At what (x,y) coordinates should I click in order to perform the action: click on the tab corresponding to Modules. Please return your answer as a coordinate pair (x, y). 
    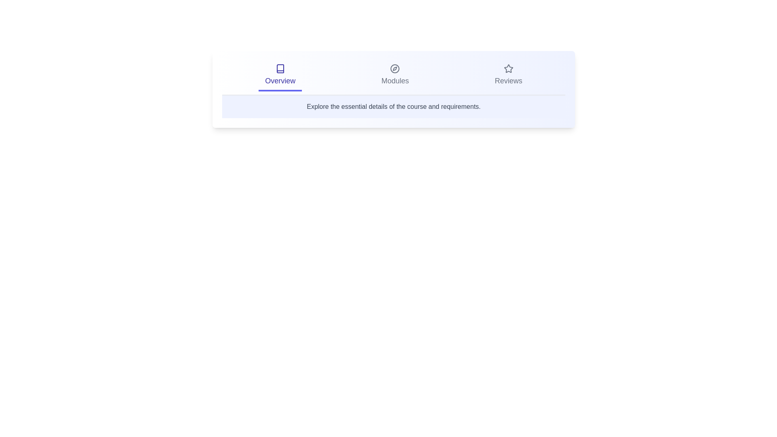
    Looking at the image, I should click on (395, 76).